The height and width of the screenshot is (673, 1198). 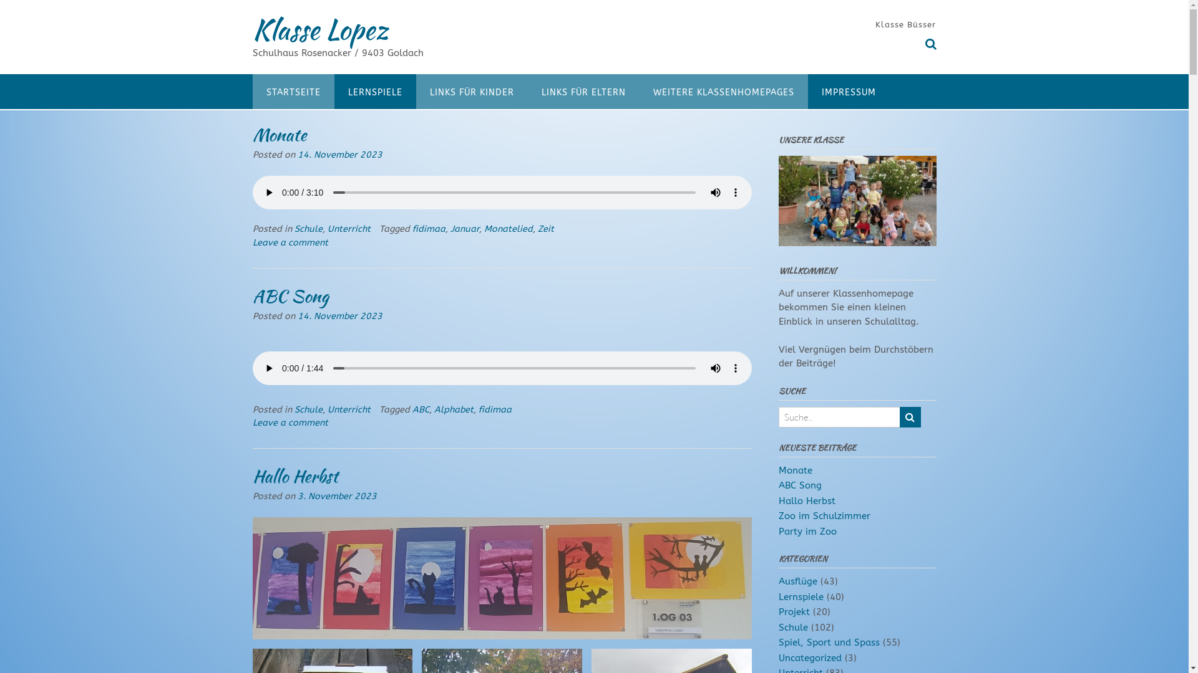 What do you see at coordinates (792, 627) in the screenshot?
I see `'Schule'` at bounding box center [792, 627].